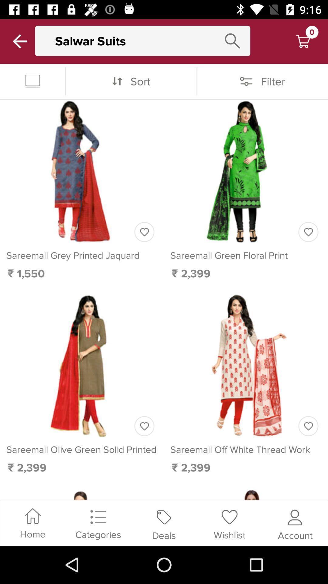 Image resolution: width=328 pixels, height=584 pixels. I want to click on item to wishlist, so click(308, 231).